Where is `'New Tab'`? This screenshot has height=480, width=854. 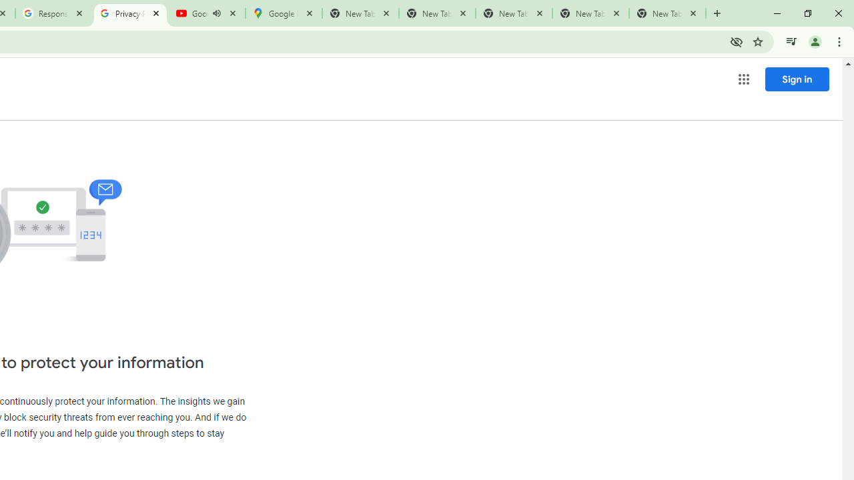
'New Tab' is located at coordinates (667, 13).